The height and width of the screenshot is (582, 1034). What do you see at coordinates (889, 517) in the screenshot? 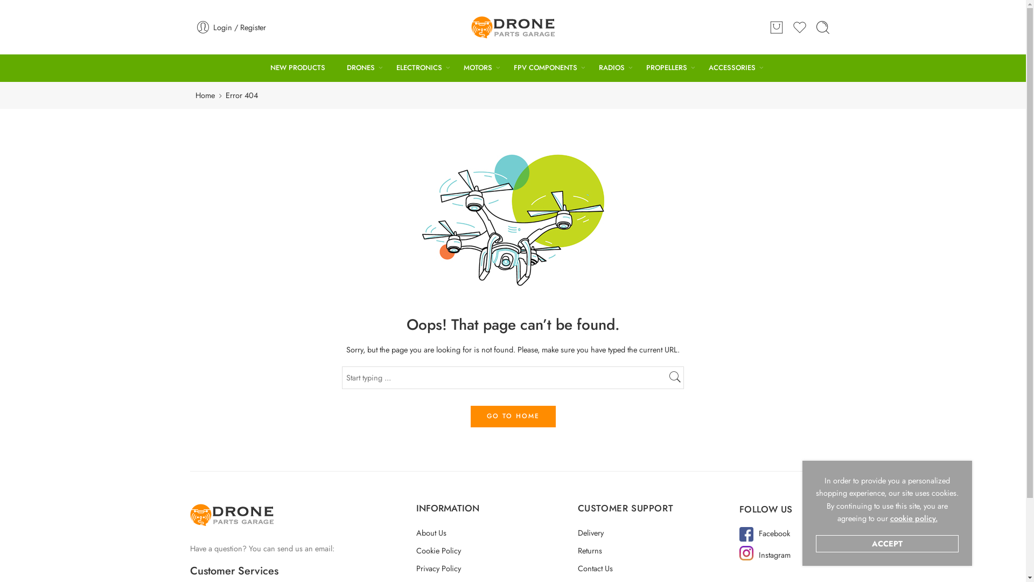
I see `'cookie policy.'` at bounding box center [889, 517].